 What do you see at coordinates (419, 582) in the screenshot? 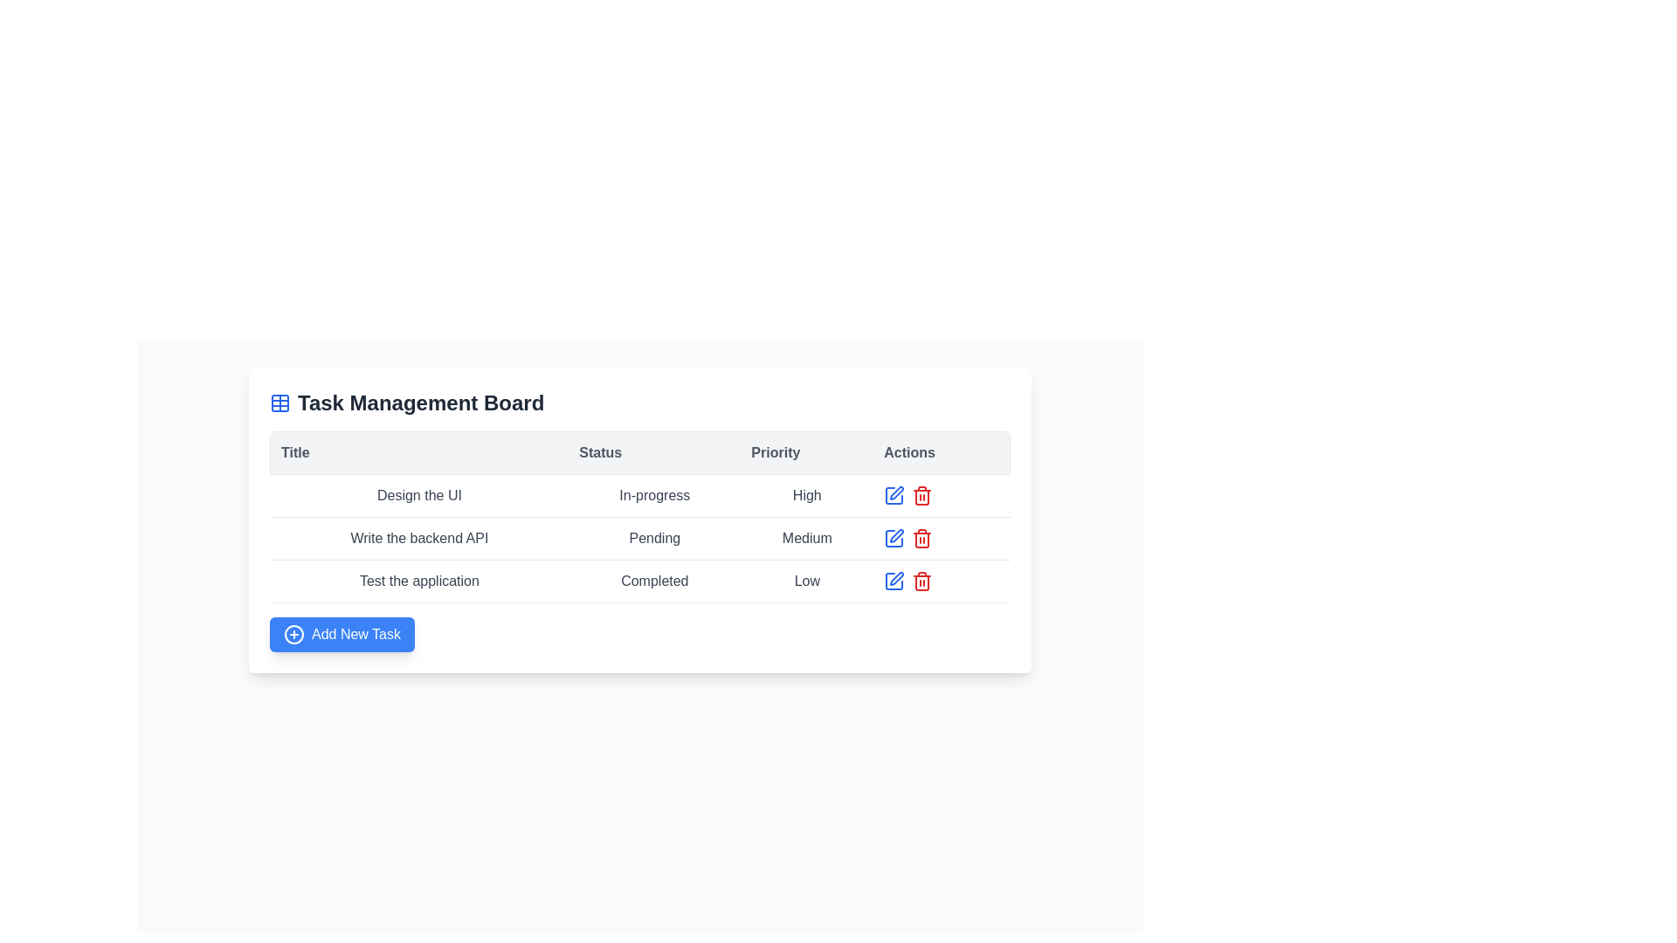
I see `the text label that contains the phrase 'Test the application', which is styled in gray and located in the third row under the 'Title' column of a structured table` at bounding box center [419, 582].